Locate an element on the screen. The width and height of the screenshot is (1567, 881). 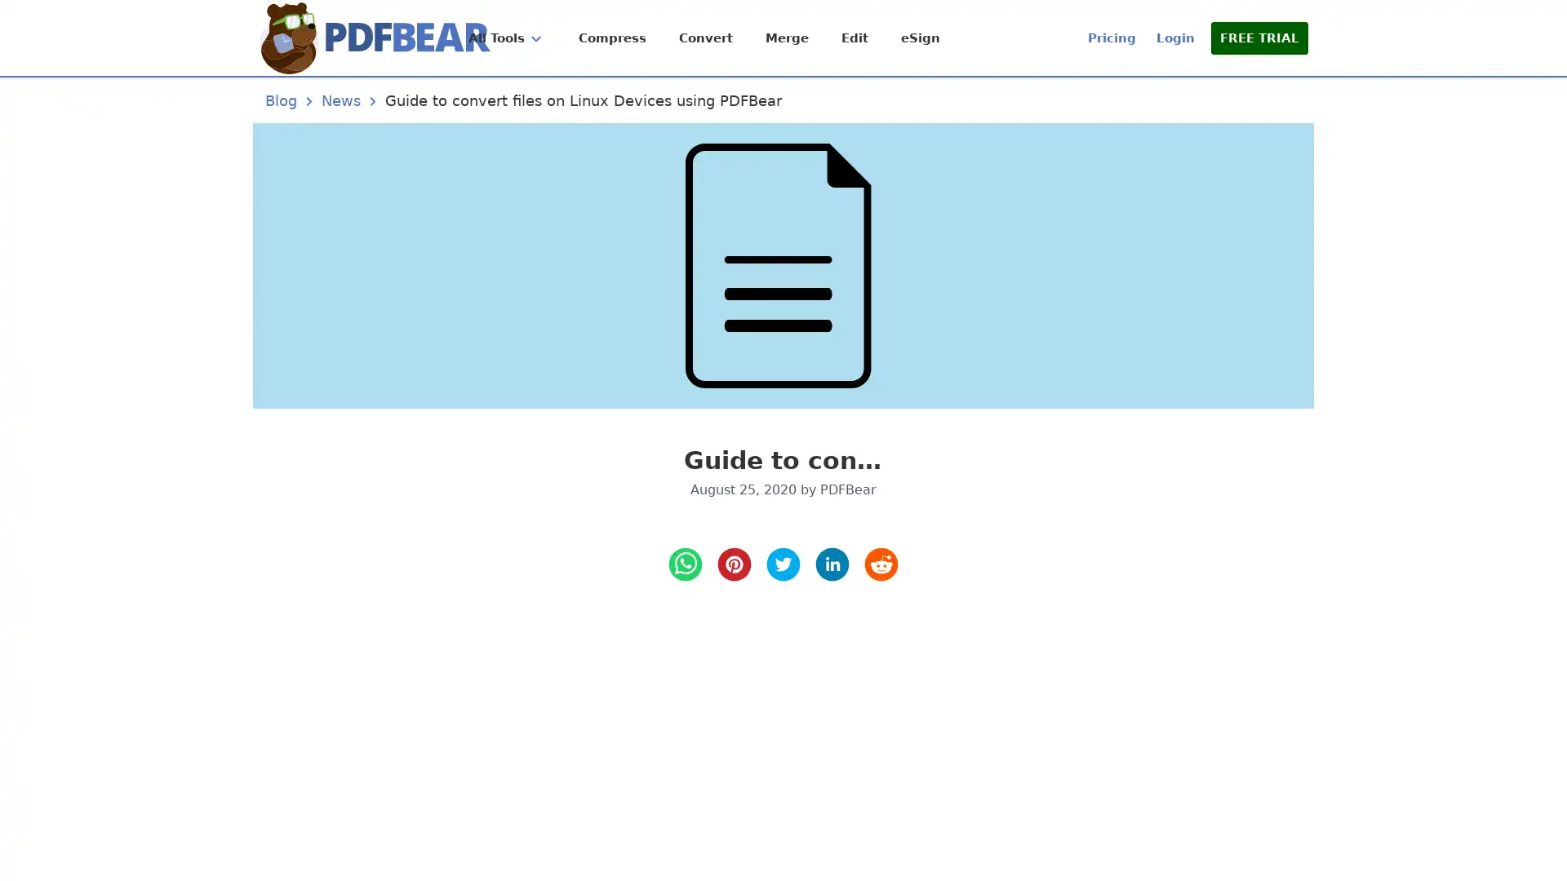
Guide to convert files on Linux Devices using PDFBear is located at coordinates (783, 265).